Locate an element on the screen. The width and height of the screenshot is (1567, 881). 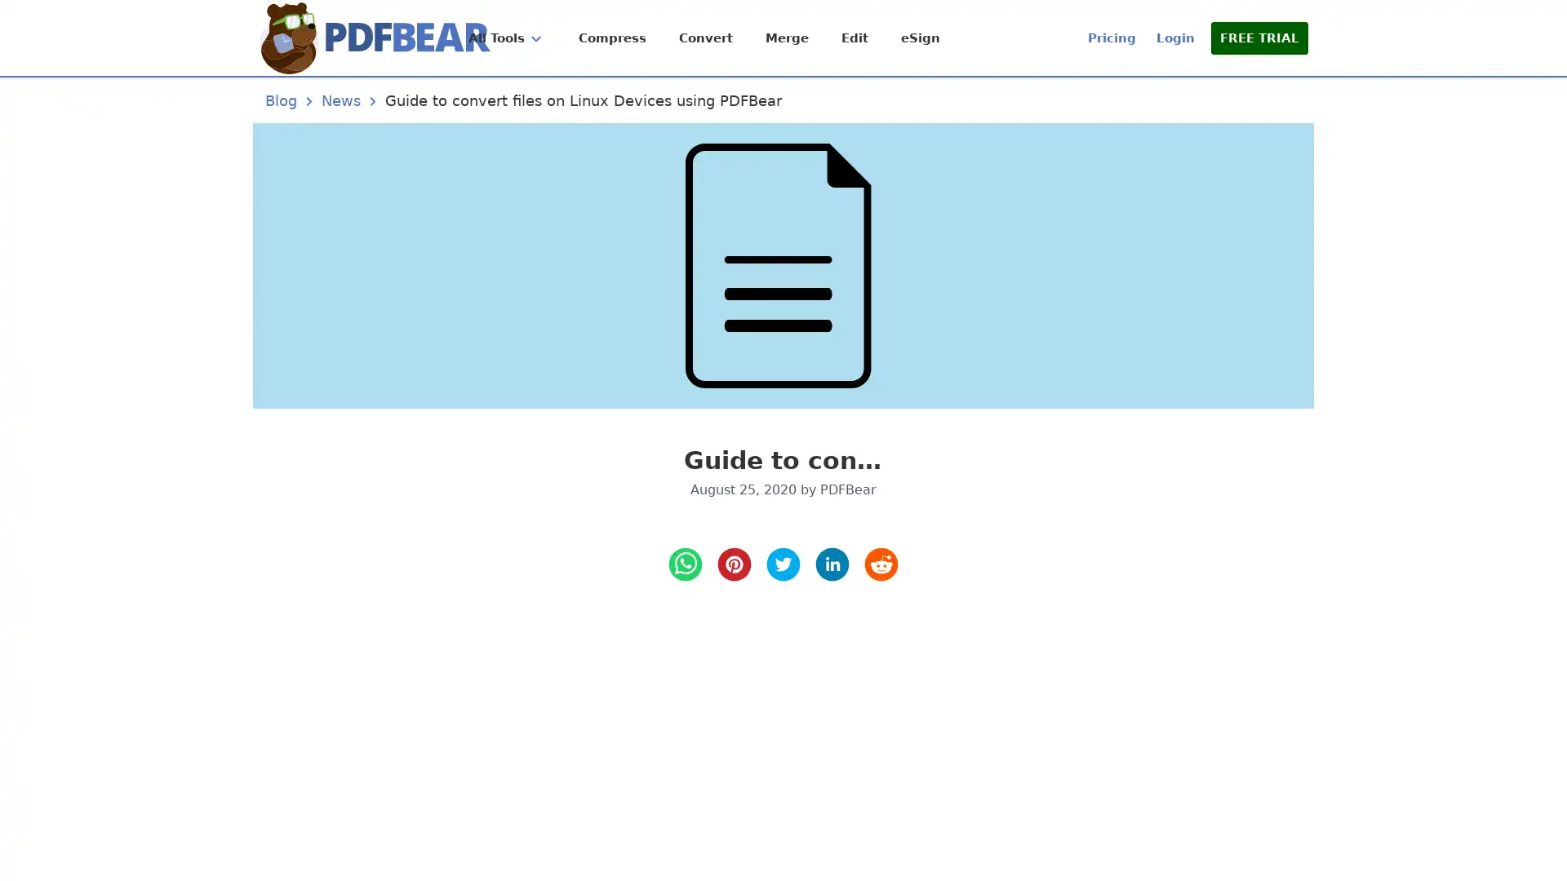
Guide to convert files on Linux Devices using PDFBear is located at coordinates (783, 265).